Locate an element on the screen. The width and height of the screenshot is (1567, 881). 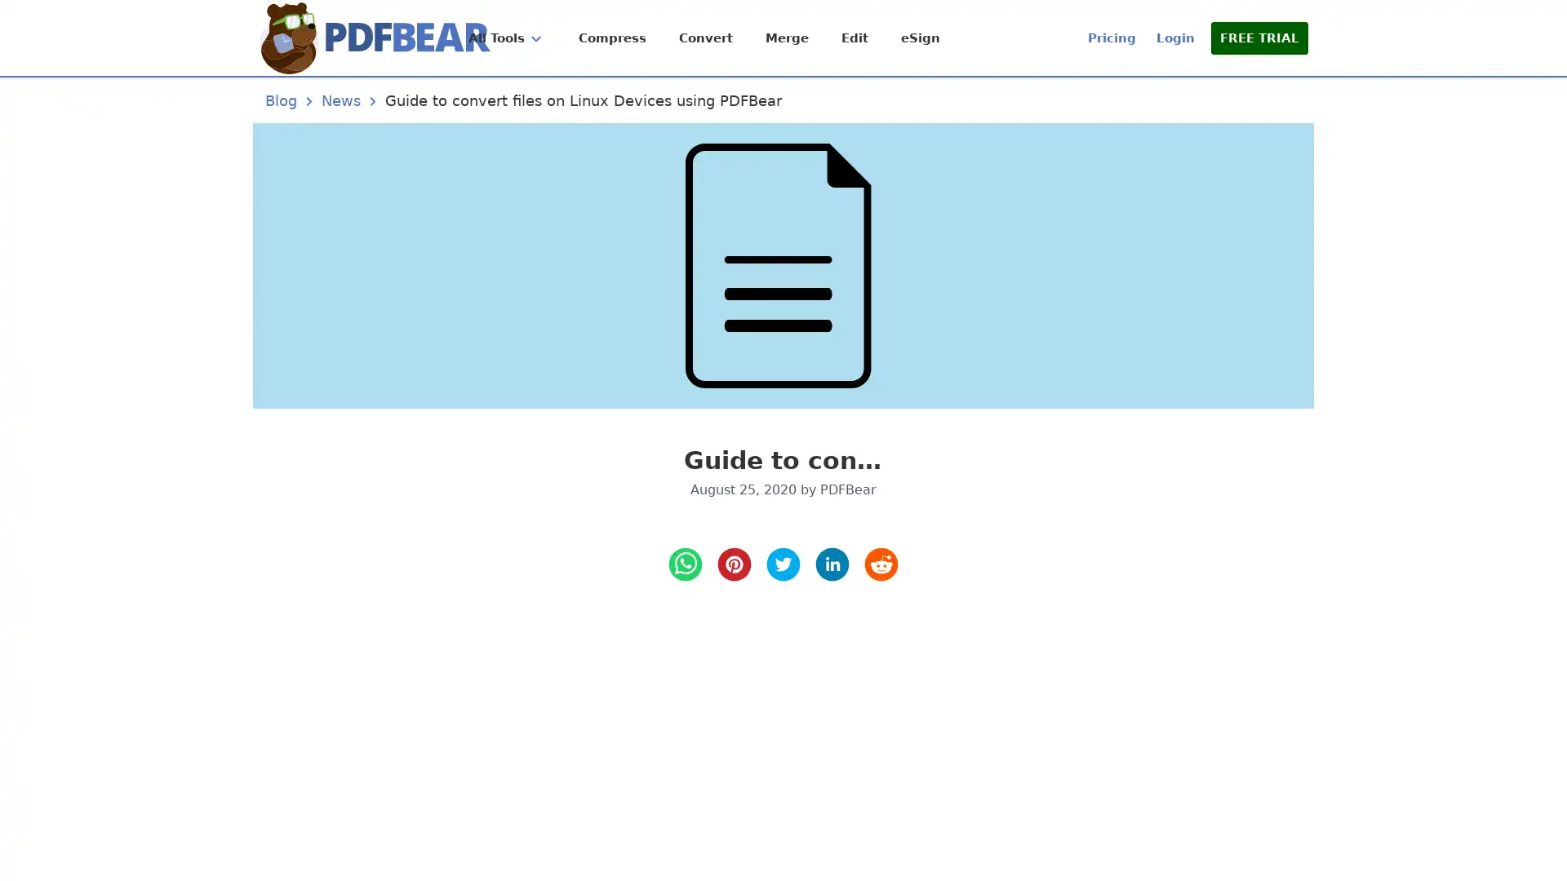
Guide to convert files on Linux Devices using PDFBear is located at coordinates (783, 265).